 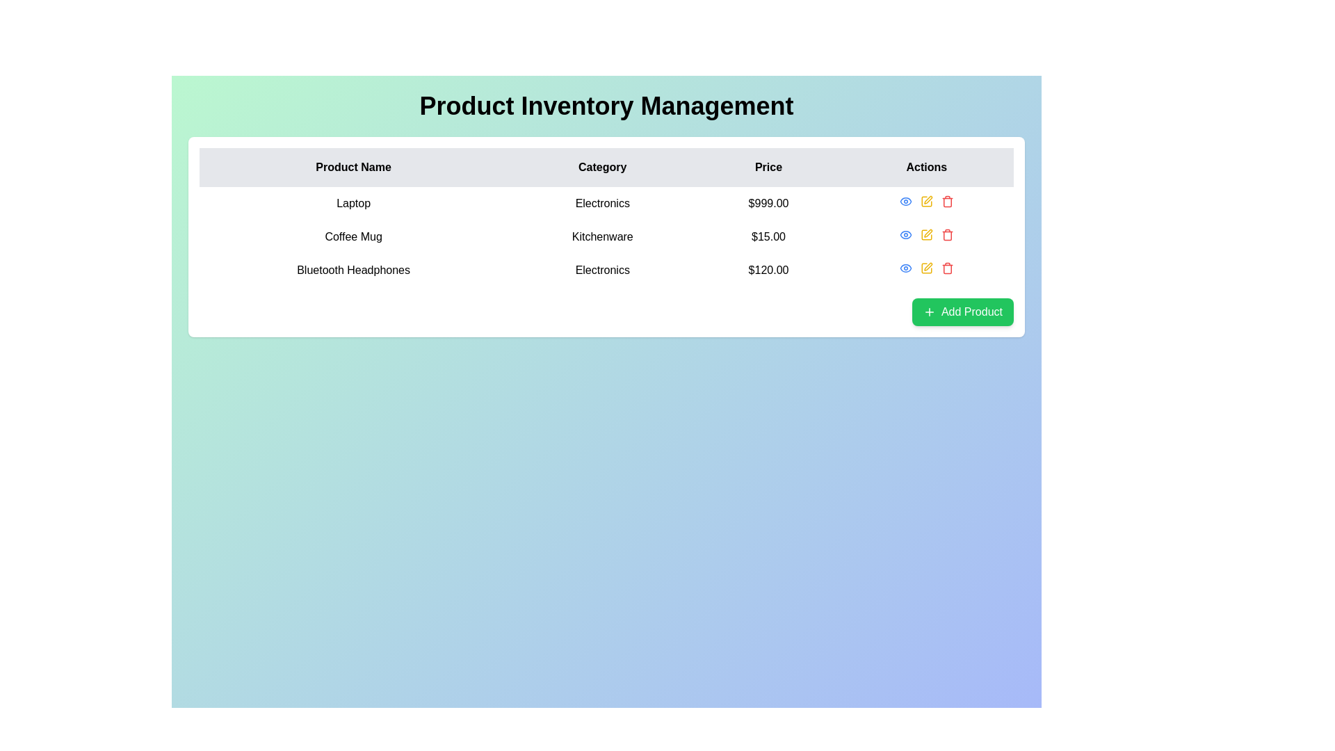 What do you see at coordinates (606, 204) in the screenshot?
I see `information displayed in the first row of the inventory table, which is located directly above the row featuring 'Coffee Mug'` at bounding box center [606, 204].